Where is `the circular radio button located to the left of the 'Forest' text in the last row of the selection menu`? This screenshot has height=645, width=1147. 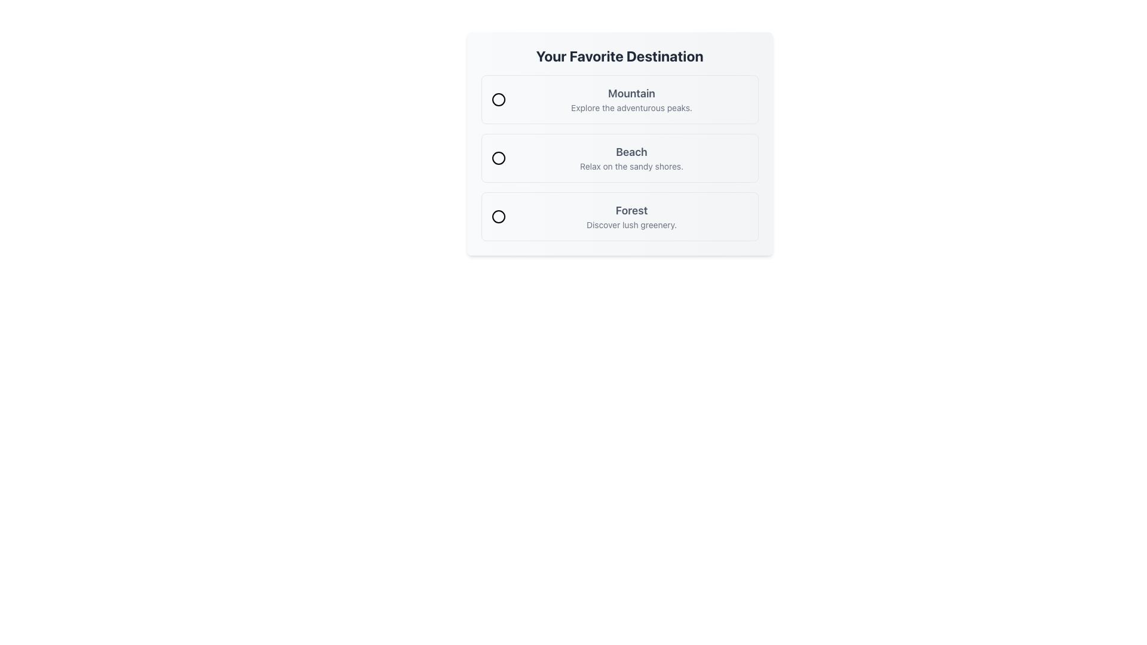
the circular radio button located to the left of the 'Forest' text in the last row of the selection menu is located at coordinates (498, 216).